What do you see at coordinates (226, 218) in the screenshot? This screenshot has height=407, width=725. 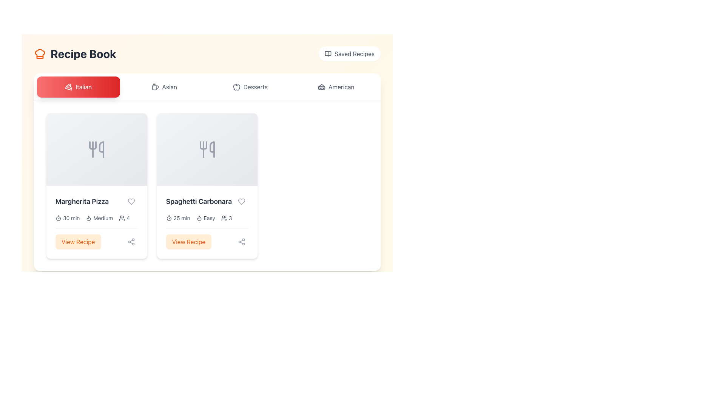 I see `the label with an icon representing multiple people followed by the text '3', located in the bottom-right section of the 'Spaghetti Carbonara' card, positioned to the right of the text 'Easy'` at bounding box center [226, 218].